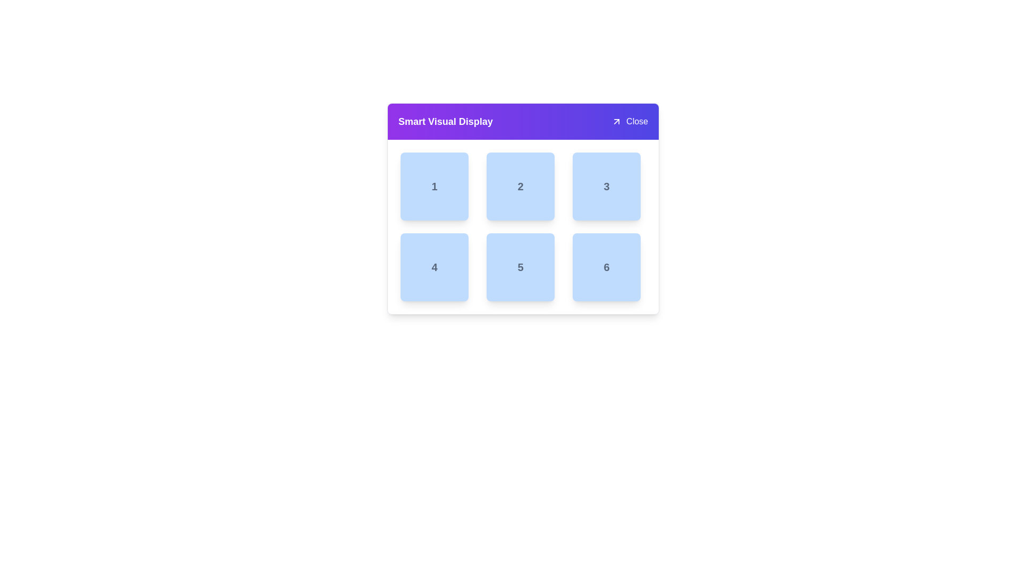 This screenshot has height=574, width=1020. I want to click on the 'Close' button displayed in white font on a purple background located in the top-right corner of the interface, so click(637, 121).